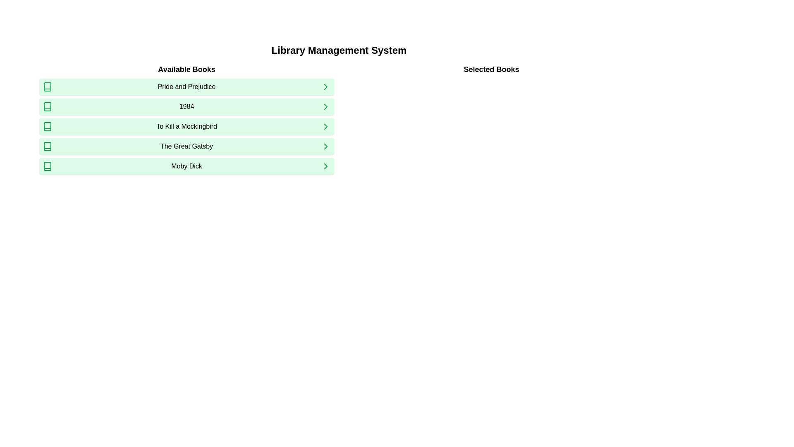 The image size is (794, 447). I want to click on the forward navigation icon in the 'Available Books' section for 'To Kill a Mockingbird', so click(325, 126).